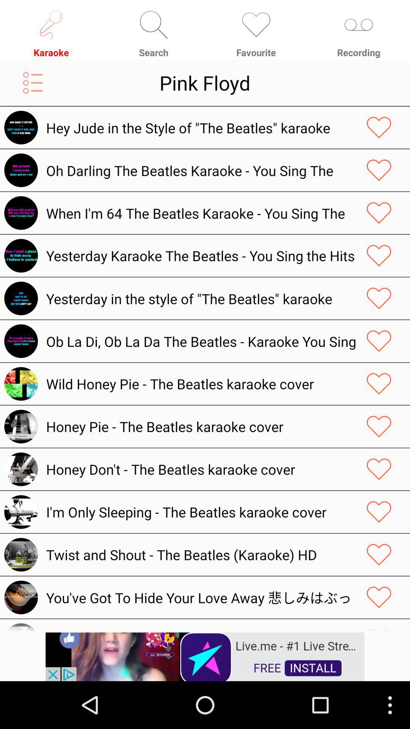 The height and width of the screenshot is (729, 410). I want to click on adding button, so click(379, 128).